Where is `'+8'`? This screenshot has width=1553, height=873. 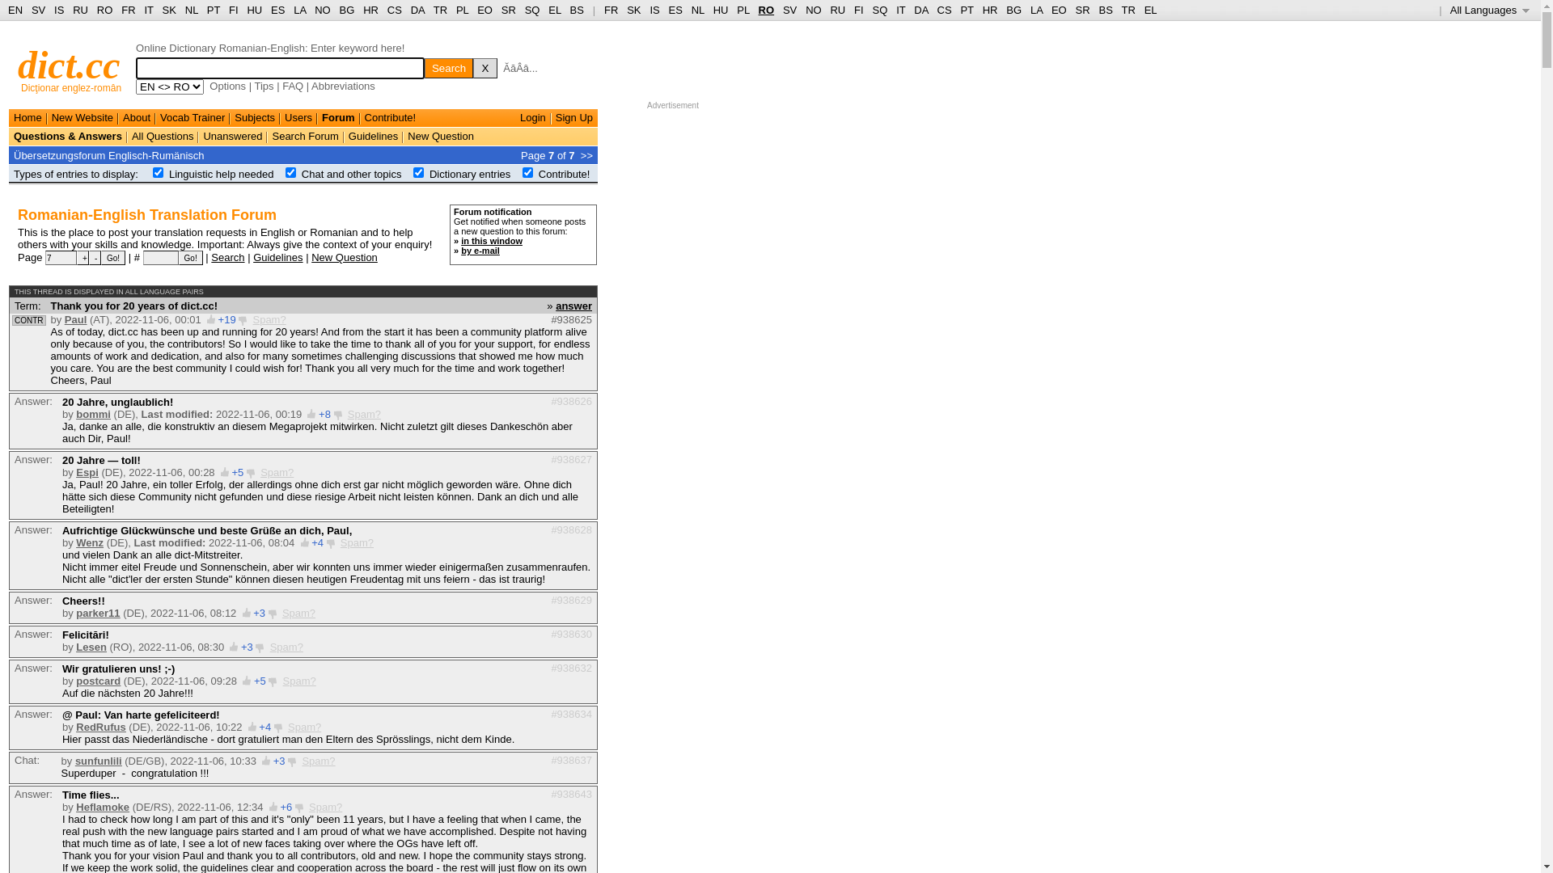 '+8' is located at coordinates (324, 413).